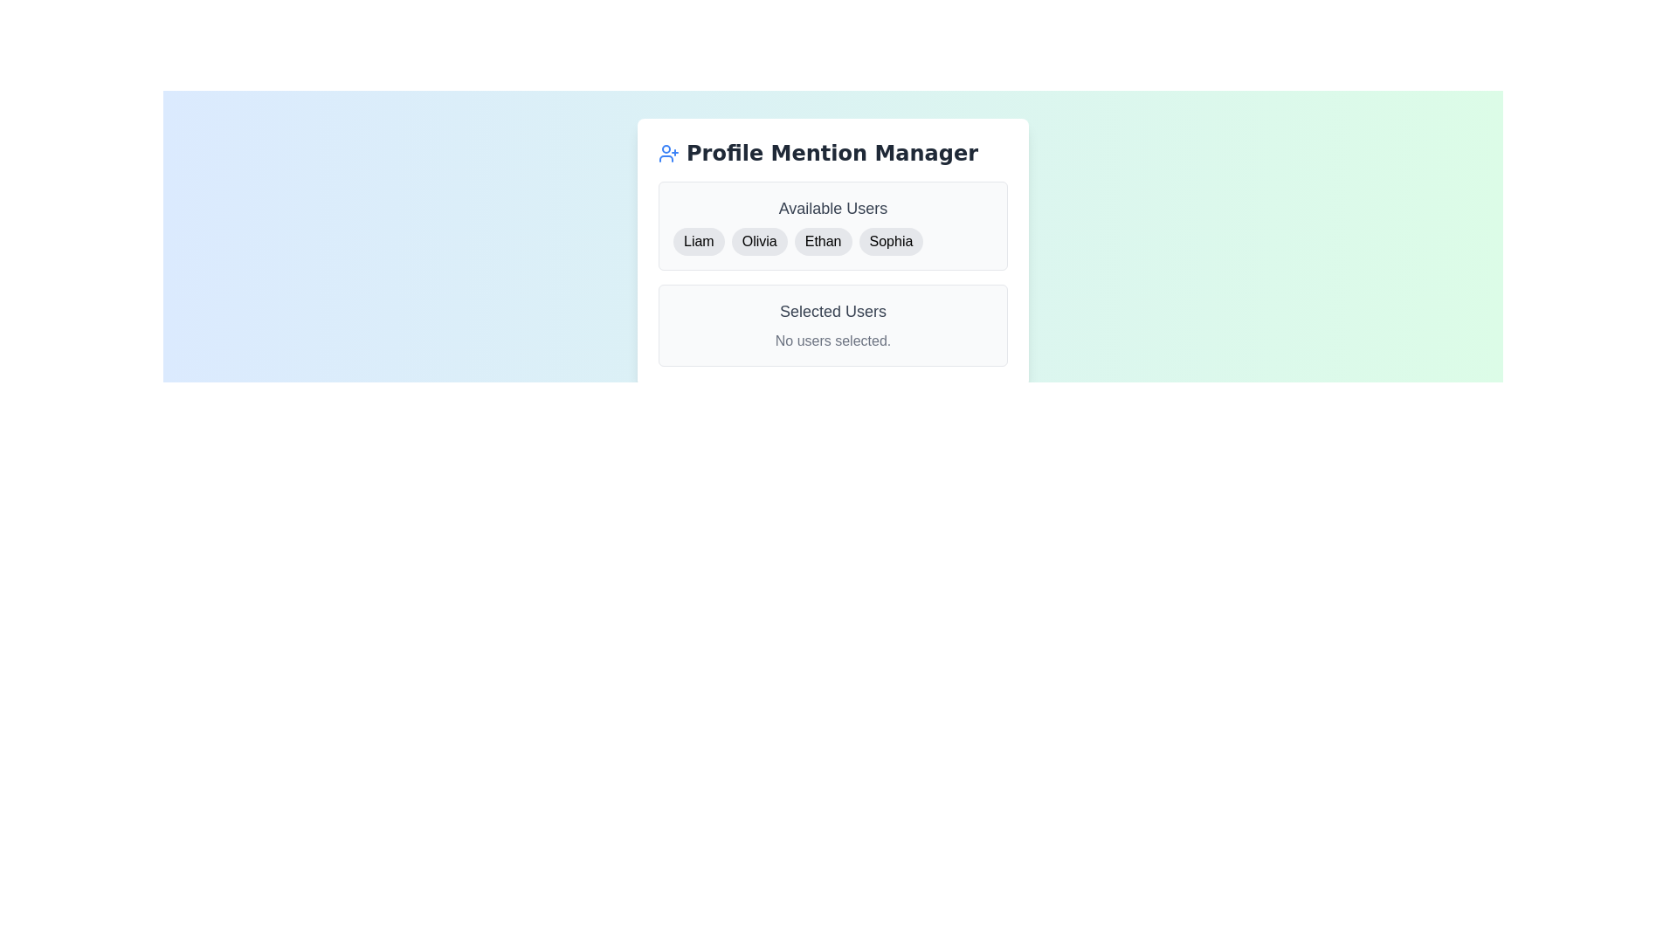 This screenshot has width=1677, height=943. Describe the element at coordinates (822, 242) in the screenshot. I see `the interactive button labeled 'Ethan', which is the third button in a horizontal list of four buttons` at that location.